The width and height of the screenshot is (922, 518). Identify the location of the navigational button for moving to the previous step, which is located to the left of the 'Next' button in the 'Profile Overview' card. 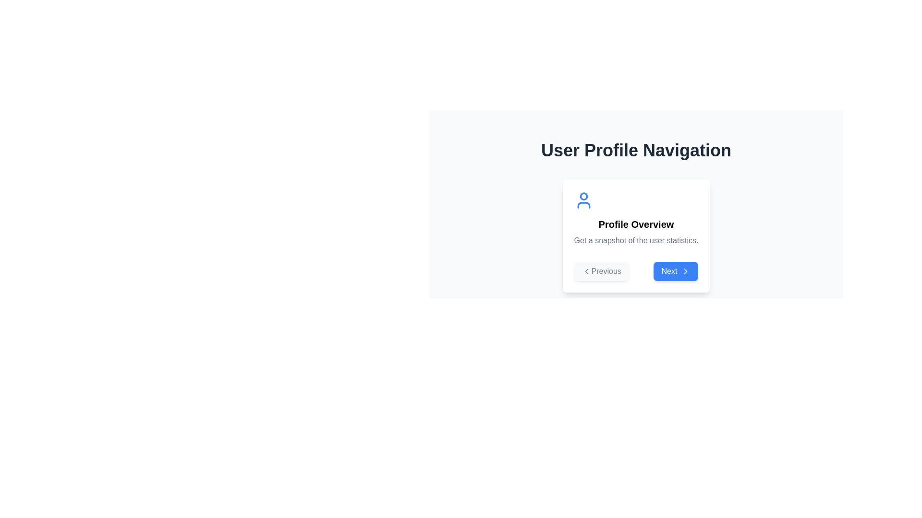
(601, 271).